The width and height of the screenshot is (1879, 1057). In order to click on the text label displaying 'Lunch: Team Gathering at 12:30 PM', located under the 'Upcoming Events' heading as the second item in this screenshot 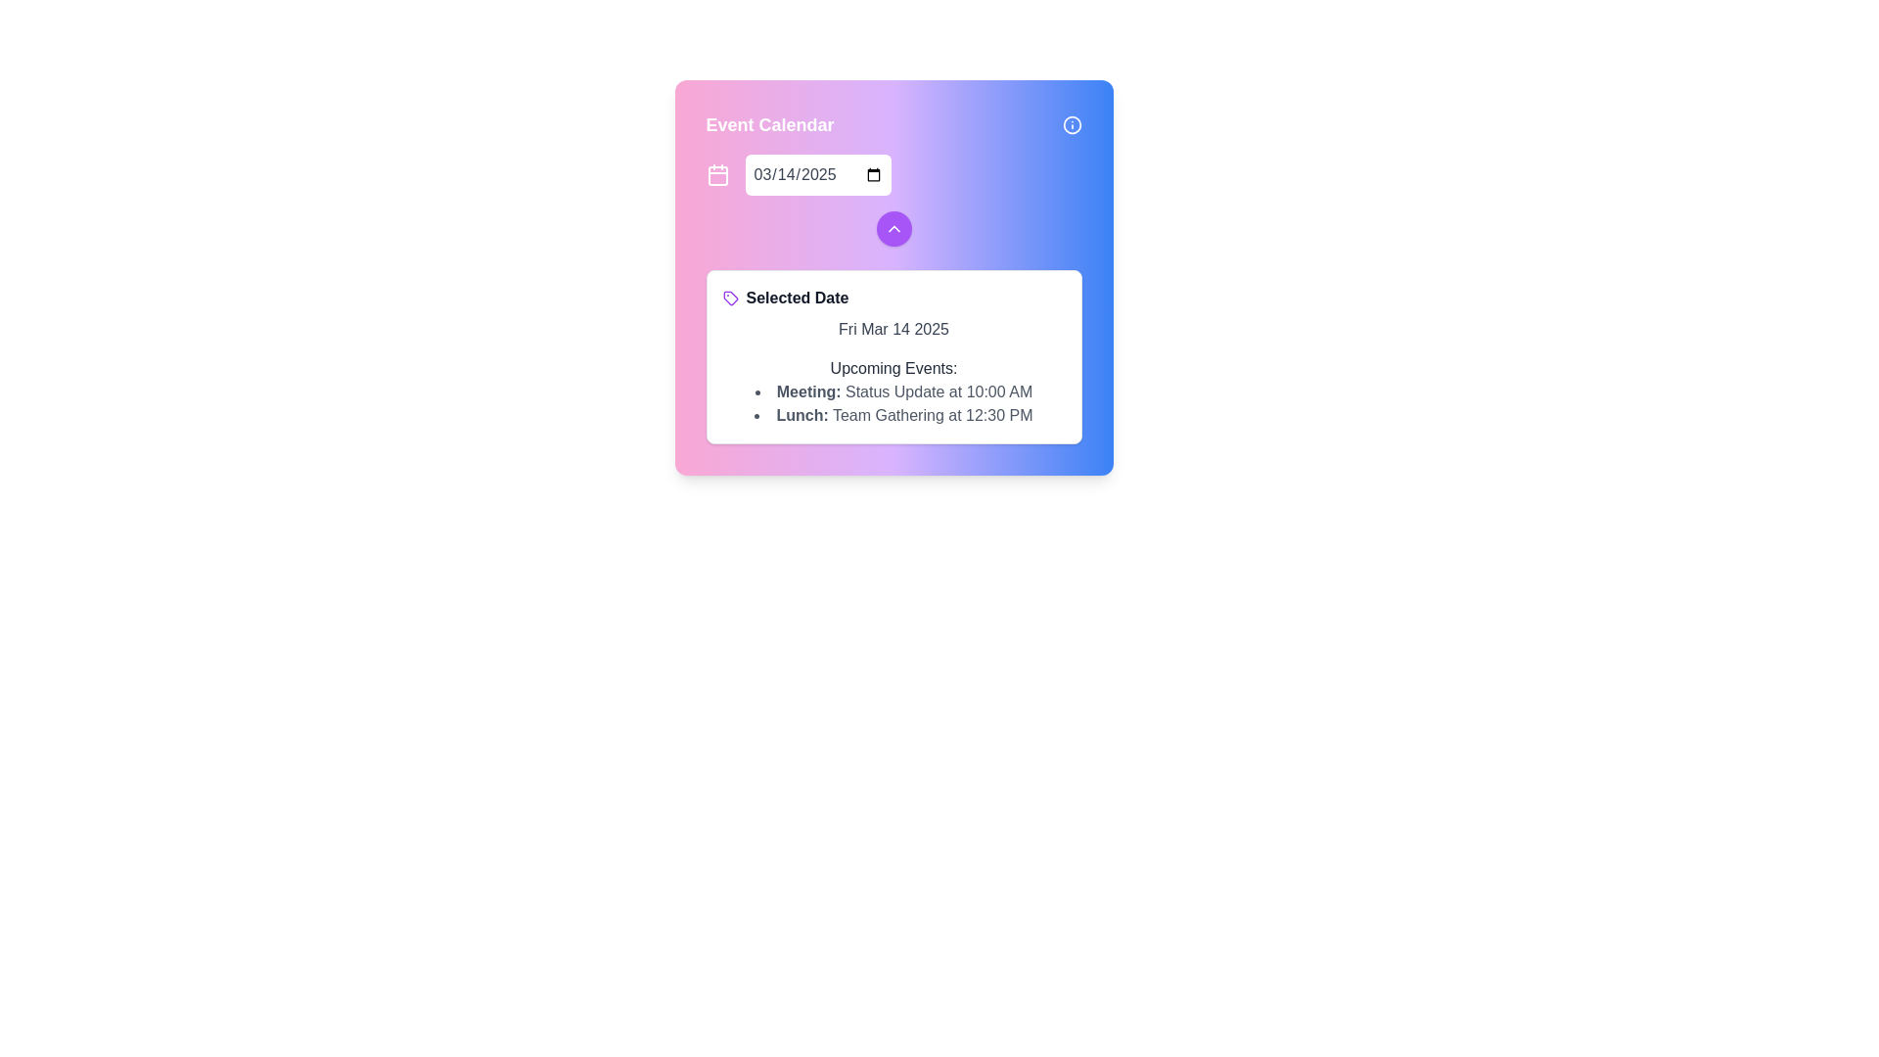, I will do `click(893, 414)`.